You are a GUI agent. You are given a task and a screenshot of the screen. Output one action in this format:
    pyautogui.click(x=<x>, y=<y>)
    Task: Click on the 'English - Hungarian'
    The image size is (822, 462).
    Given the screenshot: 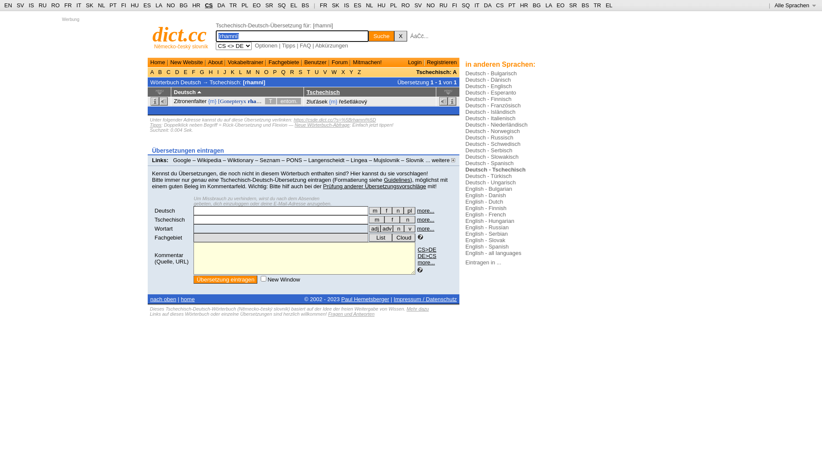 What is the action you would take?
    pyautogui.click(x=489, y=220)
    